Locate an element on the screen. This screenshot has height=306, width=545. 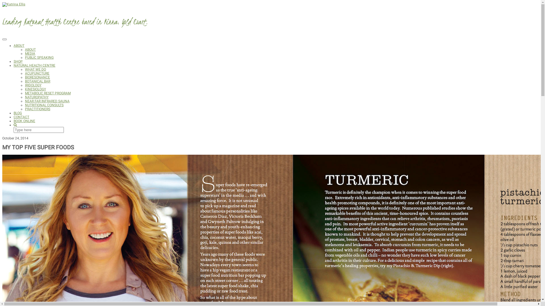
'CONTACT' is located at coordinates (21, 116).